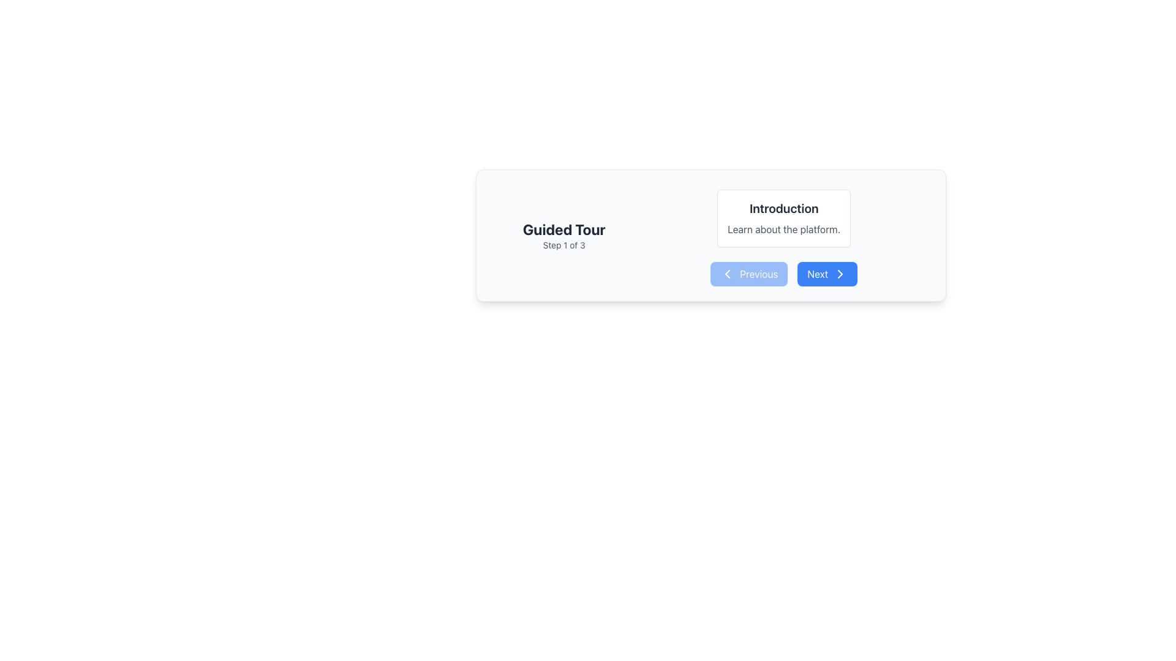  Describe the element at coordinates (840, 273) in the screenshot. I see `the directional arrow icon inside the 'Next' button, which indicates forward functionality in a guided process` at that location.